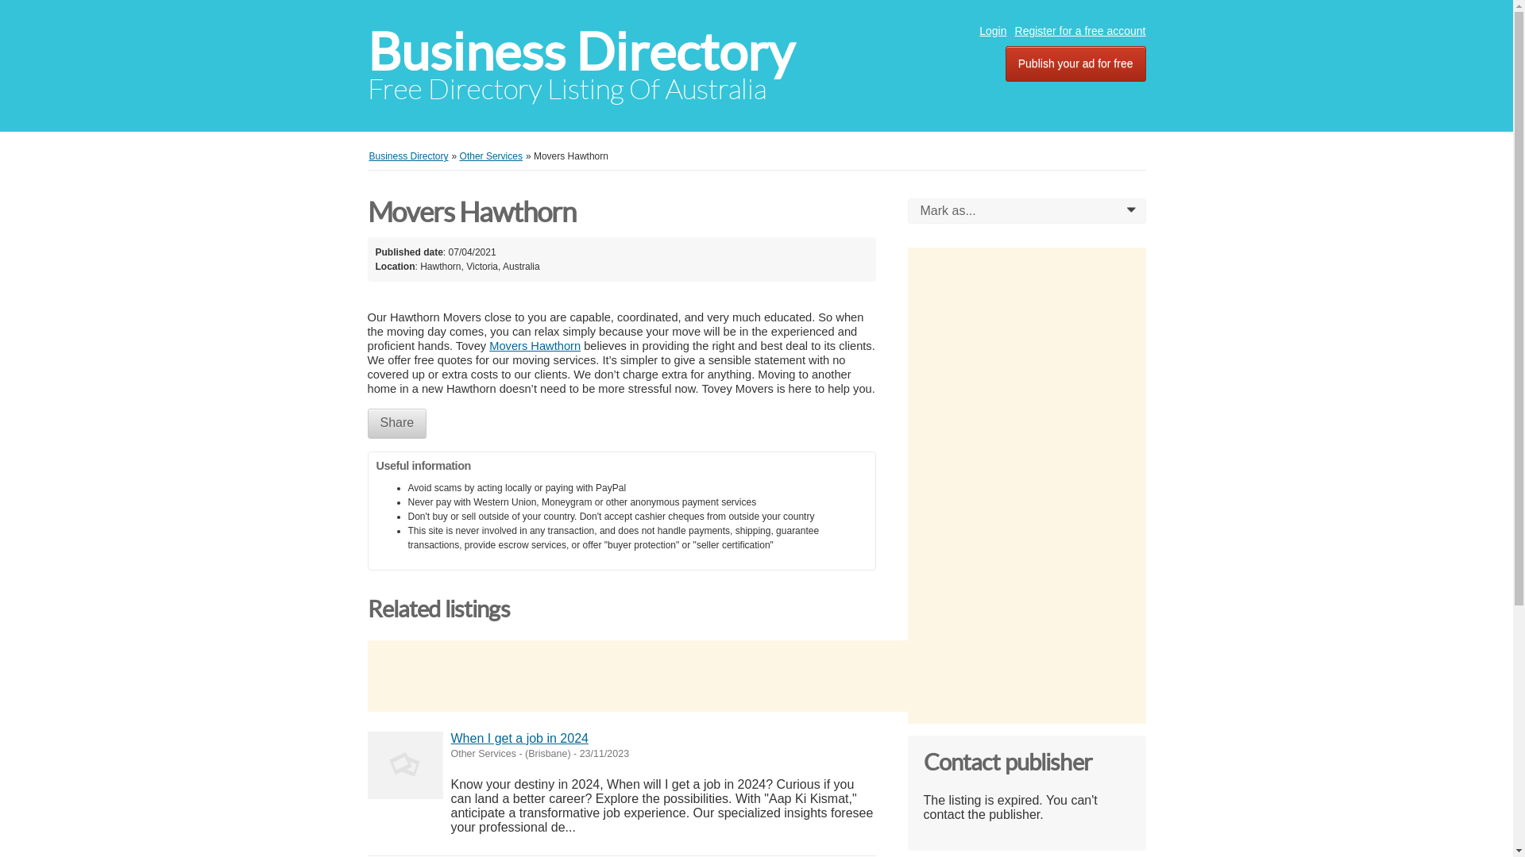 This screenshot has width=1525, height=857. Describe the element at coordinates (655, 676) in the screenshot. I see `'Advertisement'` at that location.